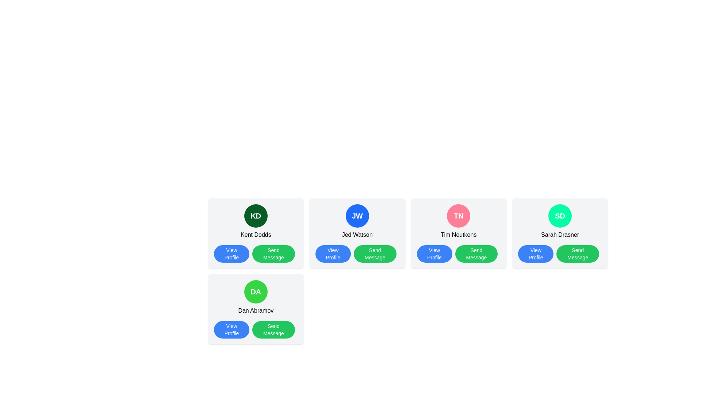 The height and width of the screenshot is (394, 701). Describe the element at coordinates (560, 235) in the screenshot. I see `text displayed in the label that shows the name 'Sarah Drasner', which is positioned below the circular avatar with 'SD' initials and above the interactive buttons` at that location.